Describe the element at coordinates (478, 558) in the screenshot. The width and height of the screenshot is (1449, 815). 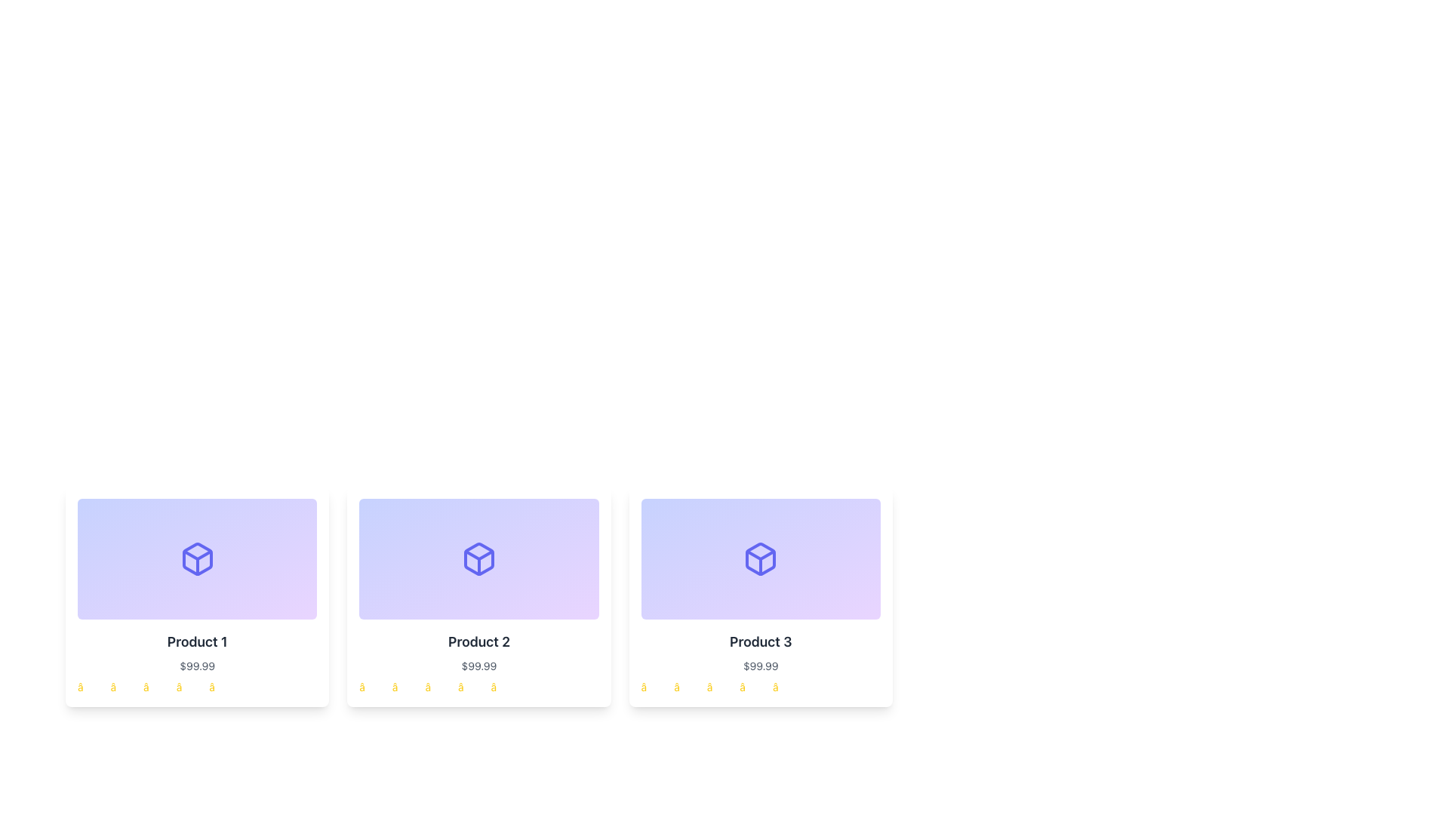
I see `the decorative icon in the second card labeled 'Product 2', which visually represents the content of the card` at that location.